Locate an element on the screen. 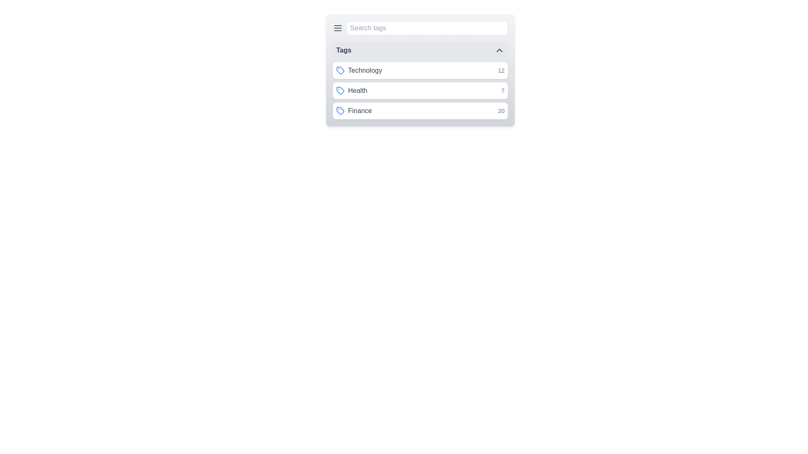 Image resolution: width=808 pixels, height=454 pixels. the tag Finance from the list is located at coordinates (420, 110).